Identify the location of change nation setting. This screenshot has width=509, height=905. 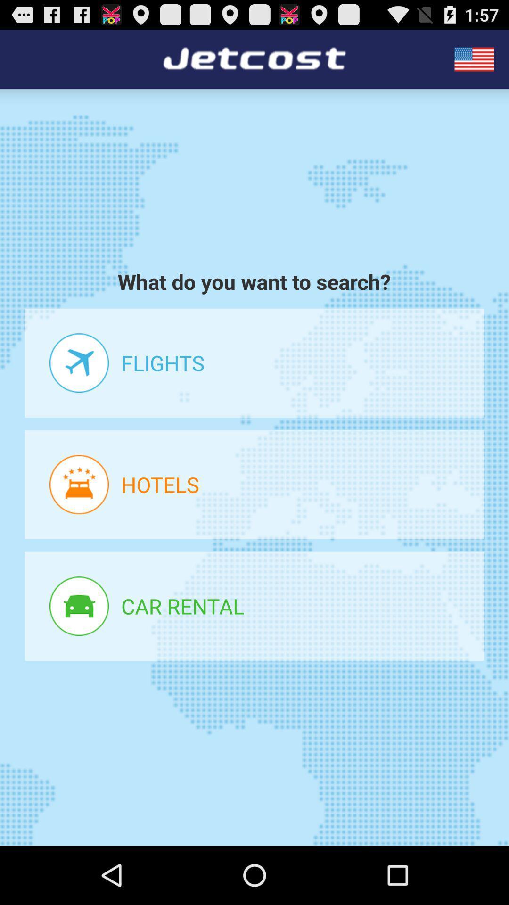
(474, 58).